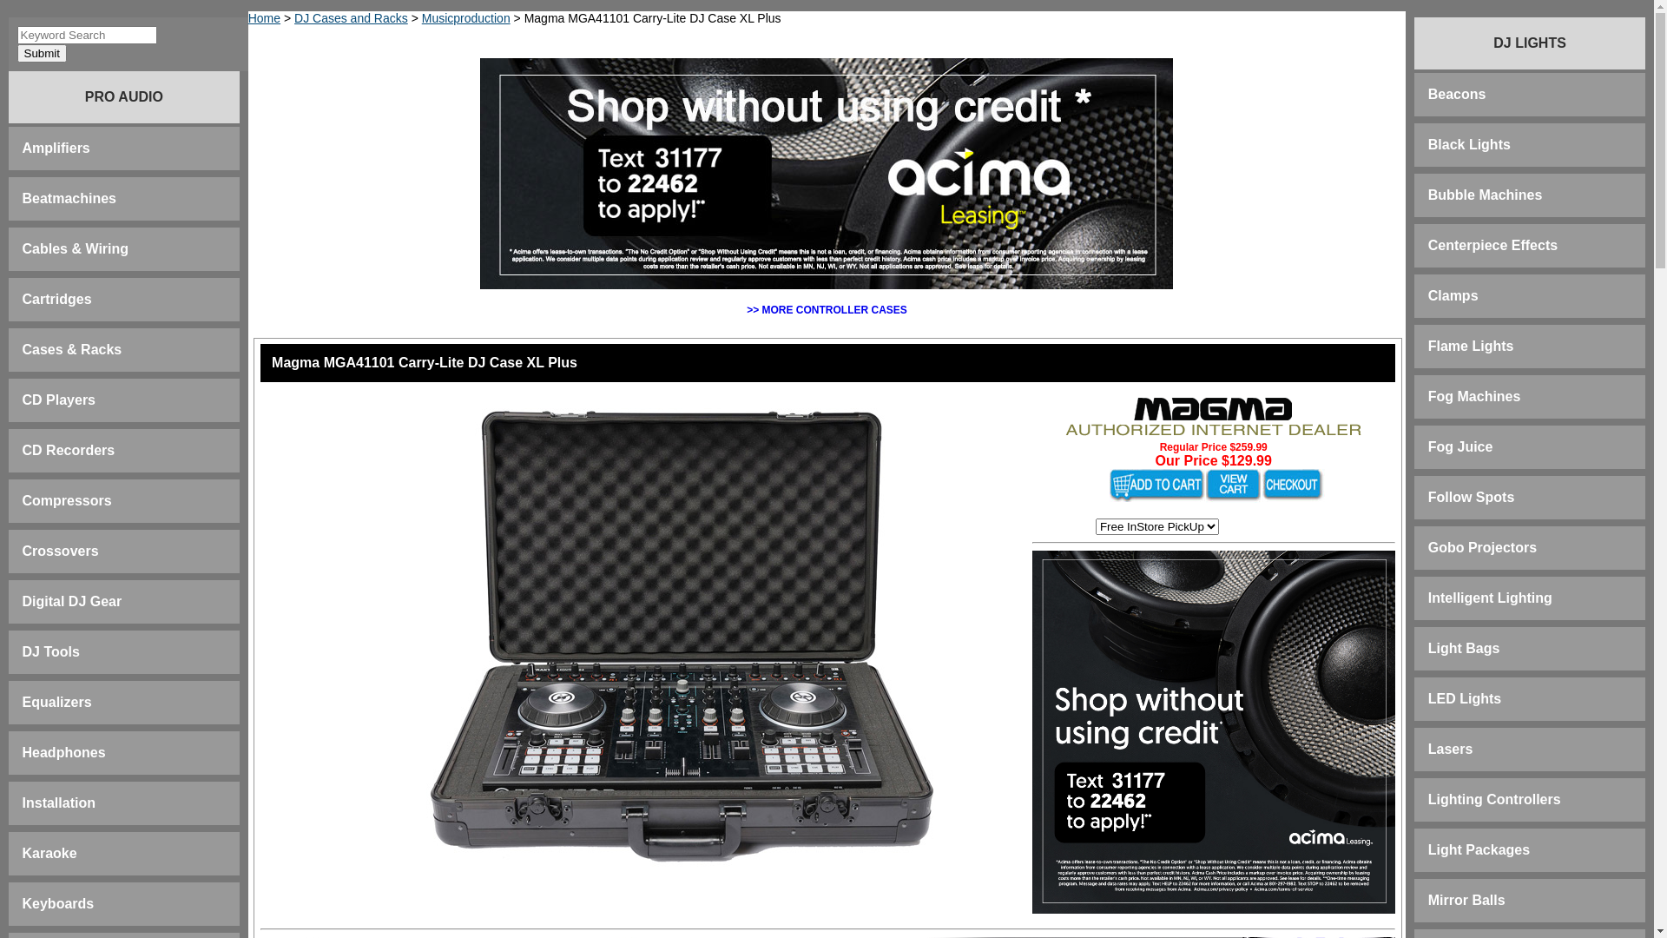 The image size is (1667, 938). I want to click on 'Home', so click(263, 17).